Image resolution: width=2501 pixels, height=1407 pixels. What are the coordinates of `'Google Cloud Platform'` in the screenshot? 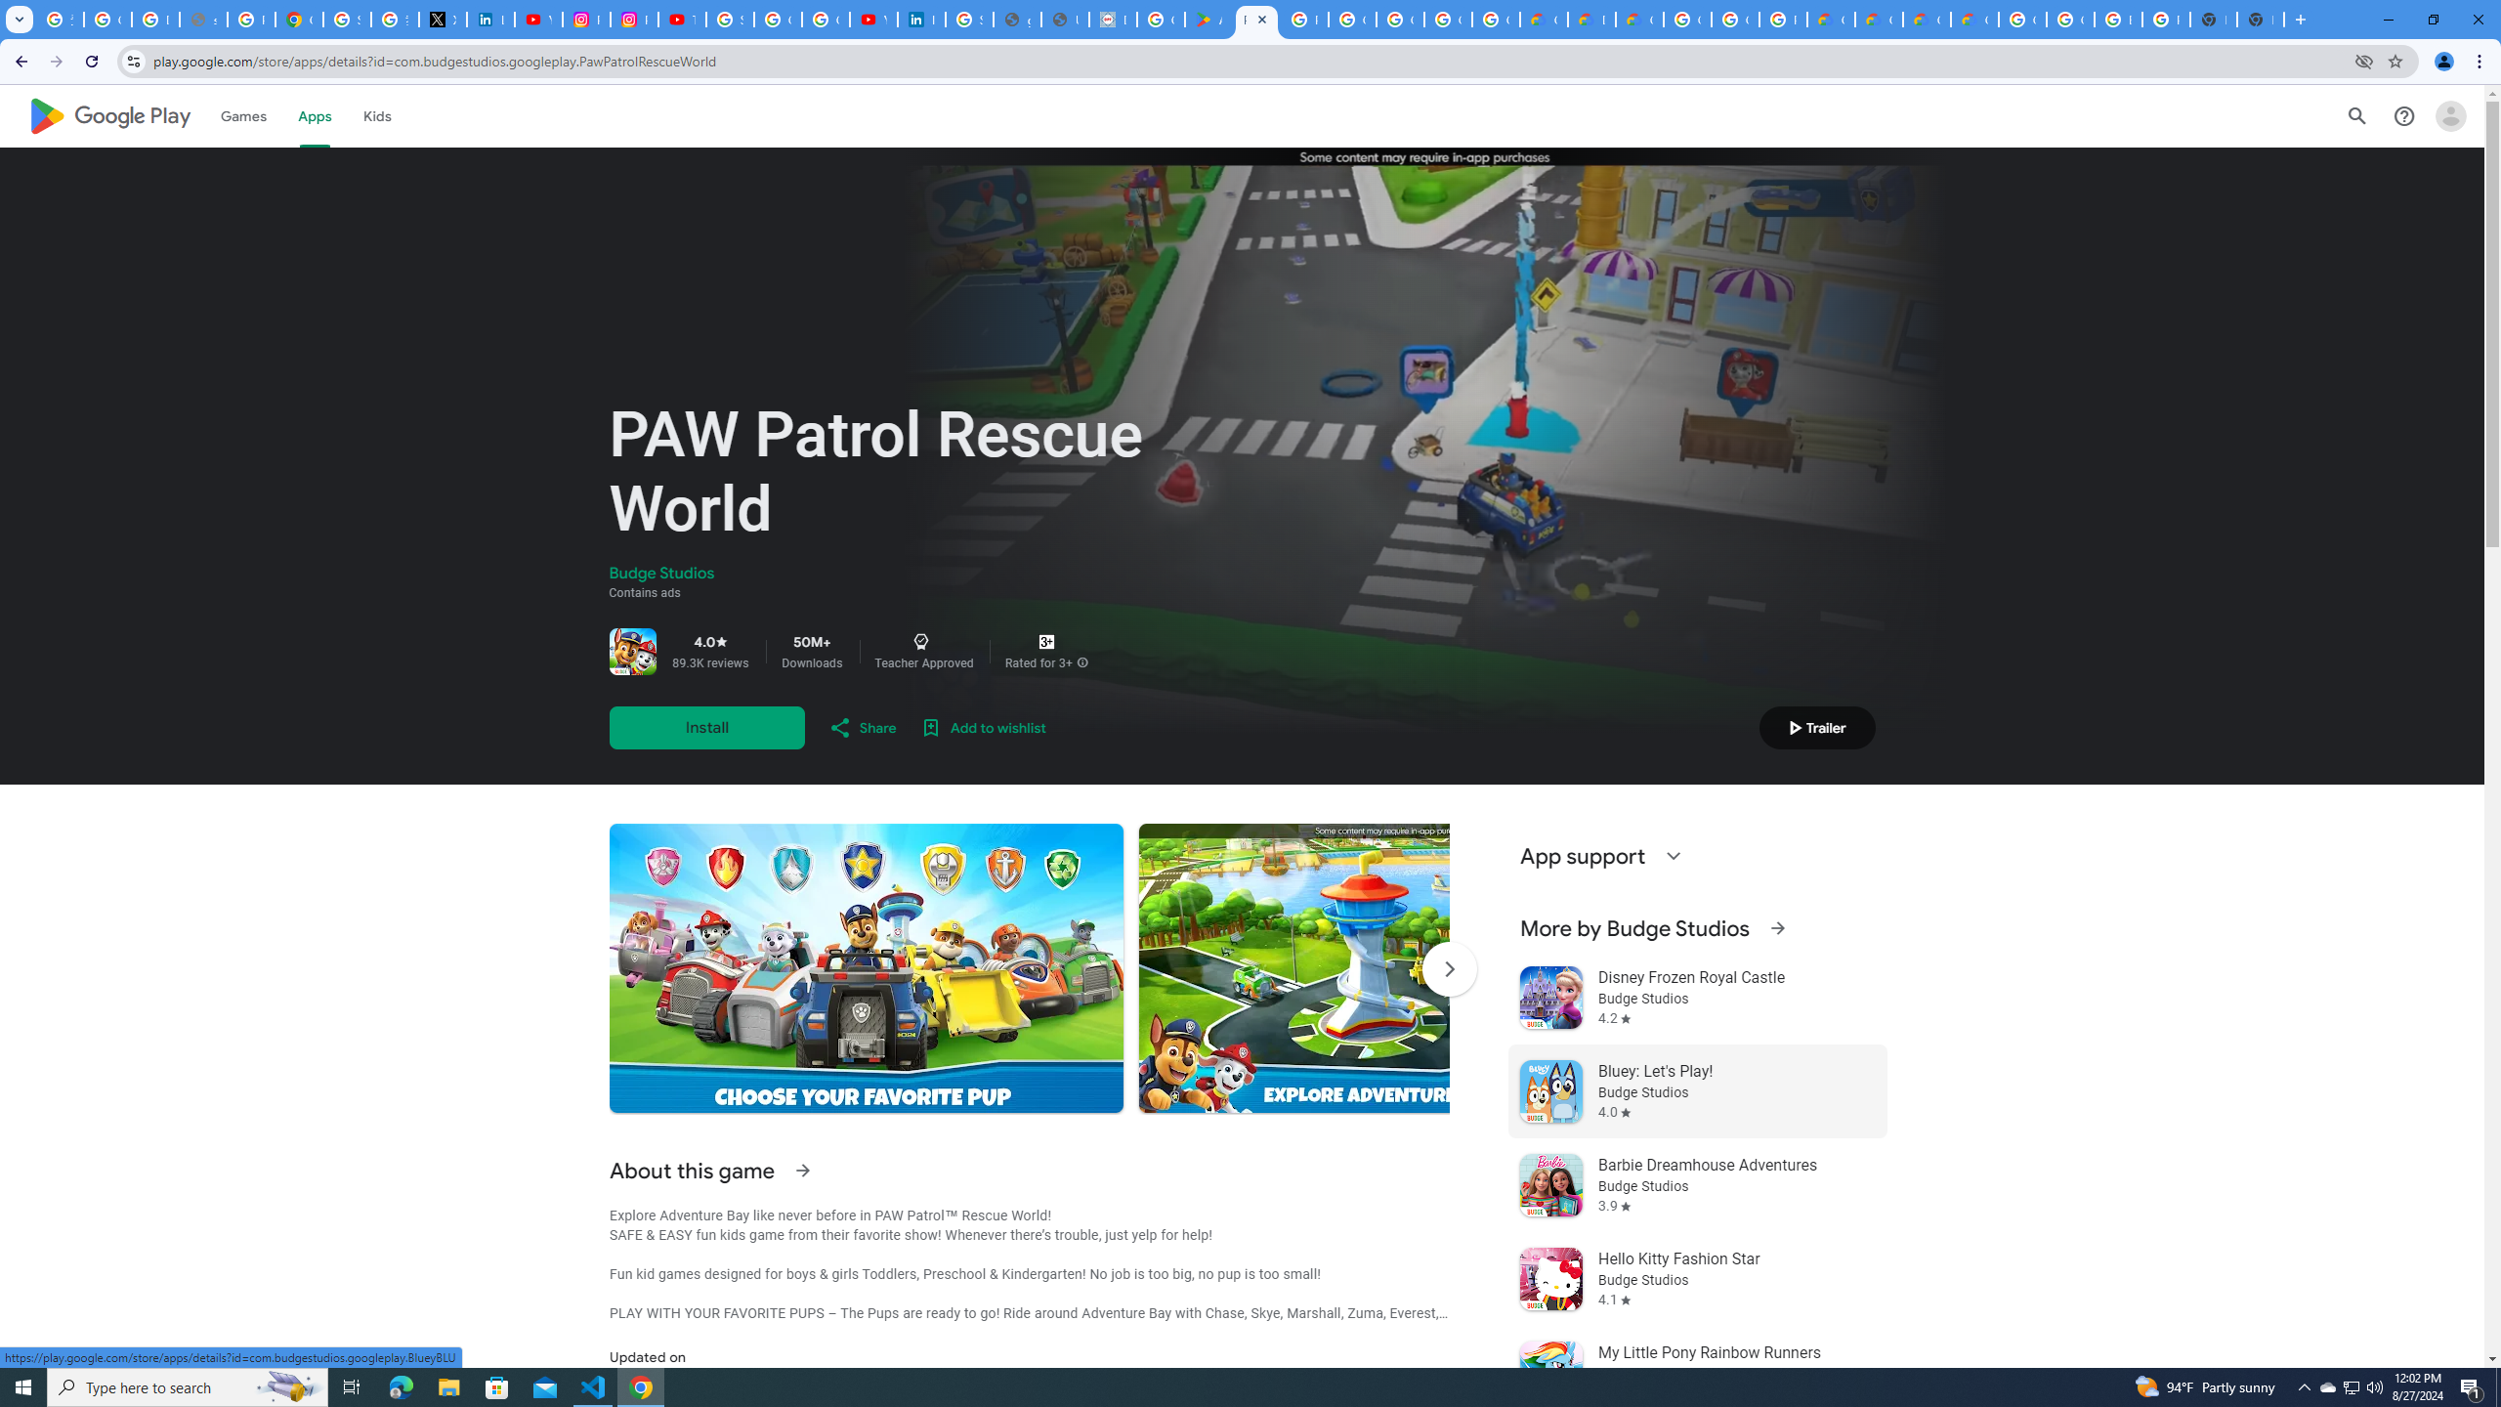 It's located at (2070, 19).